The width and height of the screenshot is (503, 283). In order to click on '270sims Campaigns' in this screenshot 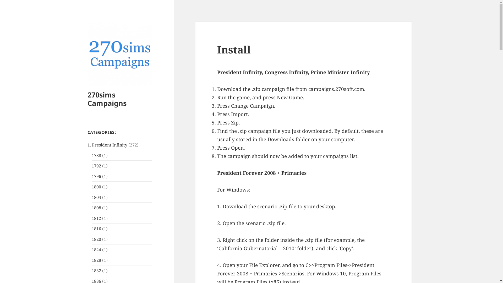, I will do `click(107, 99)`.